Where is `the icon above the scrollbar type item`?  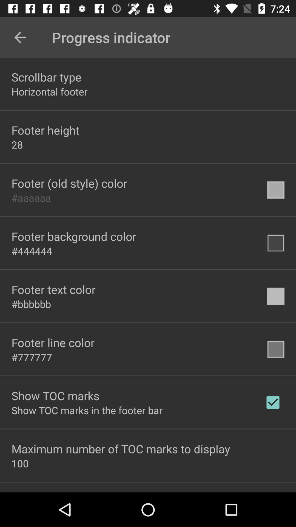 the icon above the scrollbar type item is located at coordinates (20, 37).